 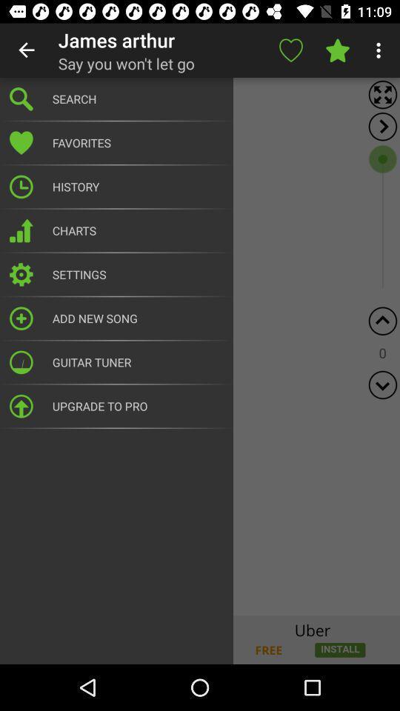 I want to click on fullscrceen, so click(x=382, y=94).